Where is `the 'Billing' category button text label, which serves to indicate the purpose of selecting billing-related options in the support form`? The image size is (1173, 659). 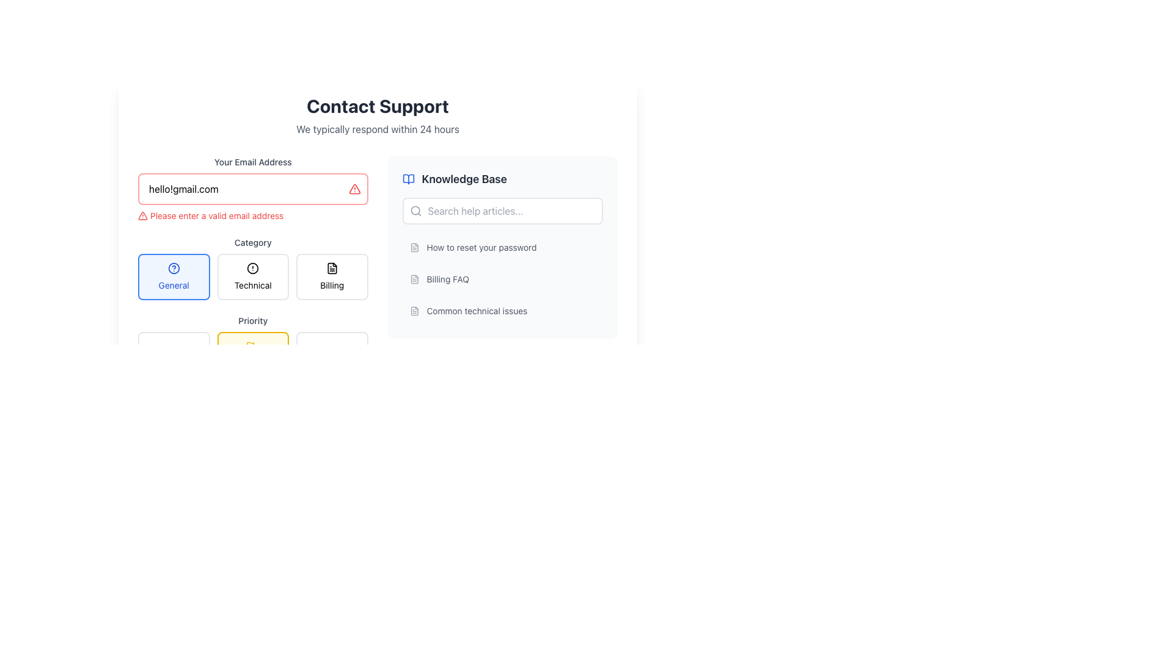 the 'Billing' category button text label, which serves to indicate the purpose of selecting billing-related options in the support form is located at coordinates (332, 285).